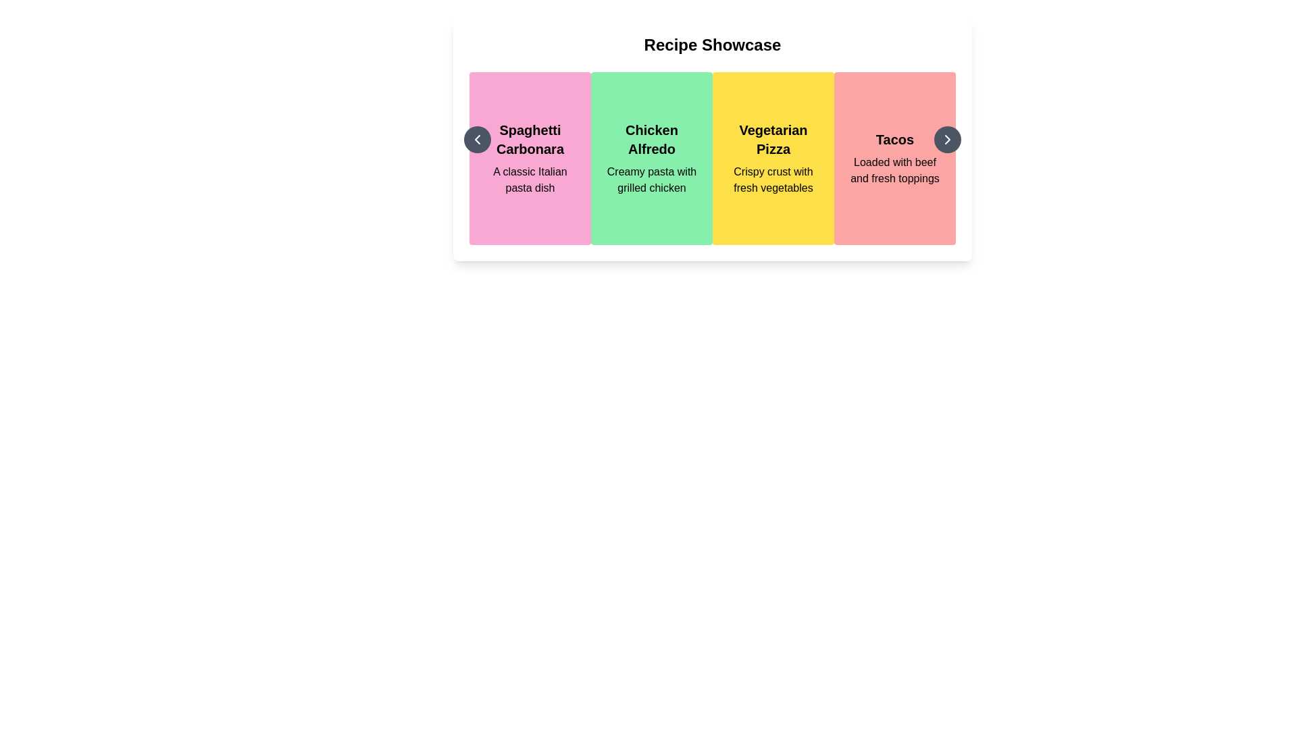  What do you see at coordinates (773, 140) in the screenshot?
I see `the text label displaying 'Vegetarian Pizza', which is prominently styled in bold sans-serif font on a yellow background, located below the 'Recipe Showcase' header` at bounding box center [773, 140].